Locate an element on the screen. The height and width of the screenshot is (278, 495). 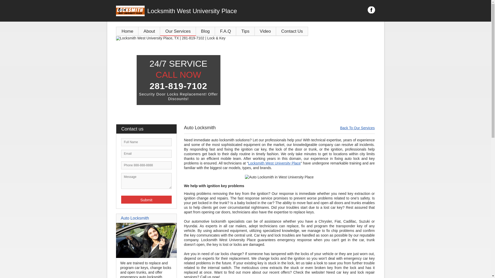
'Contact us' is located at coordinates (148, 129).